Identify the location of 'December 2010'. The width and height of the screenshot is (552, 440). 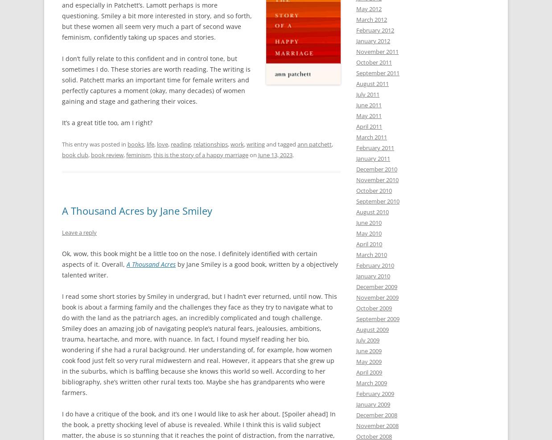
(376, 168).